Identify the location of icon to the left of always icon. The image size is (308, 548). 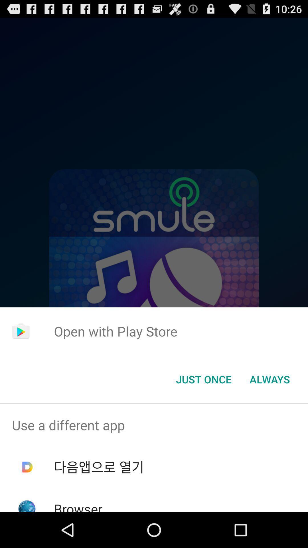
(203, 379).